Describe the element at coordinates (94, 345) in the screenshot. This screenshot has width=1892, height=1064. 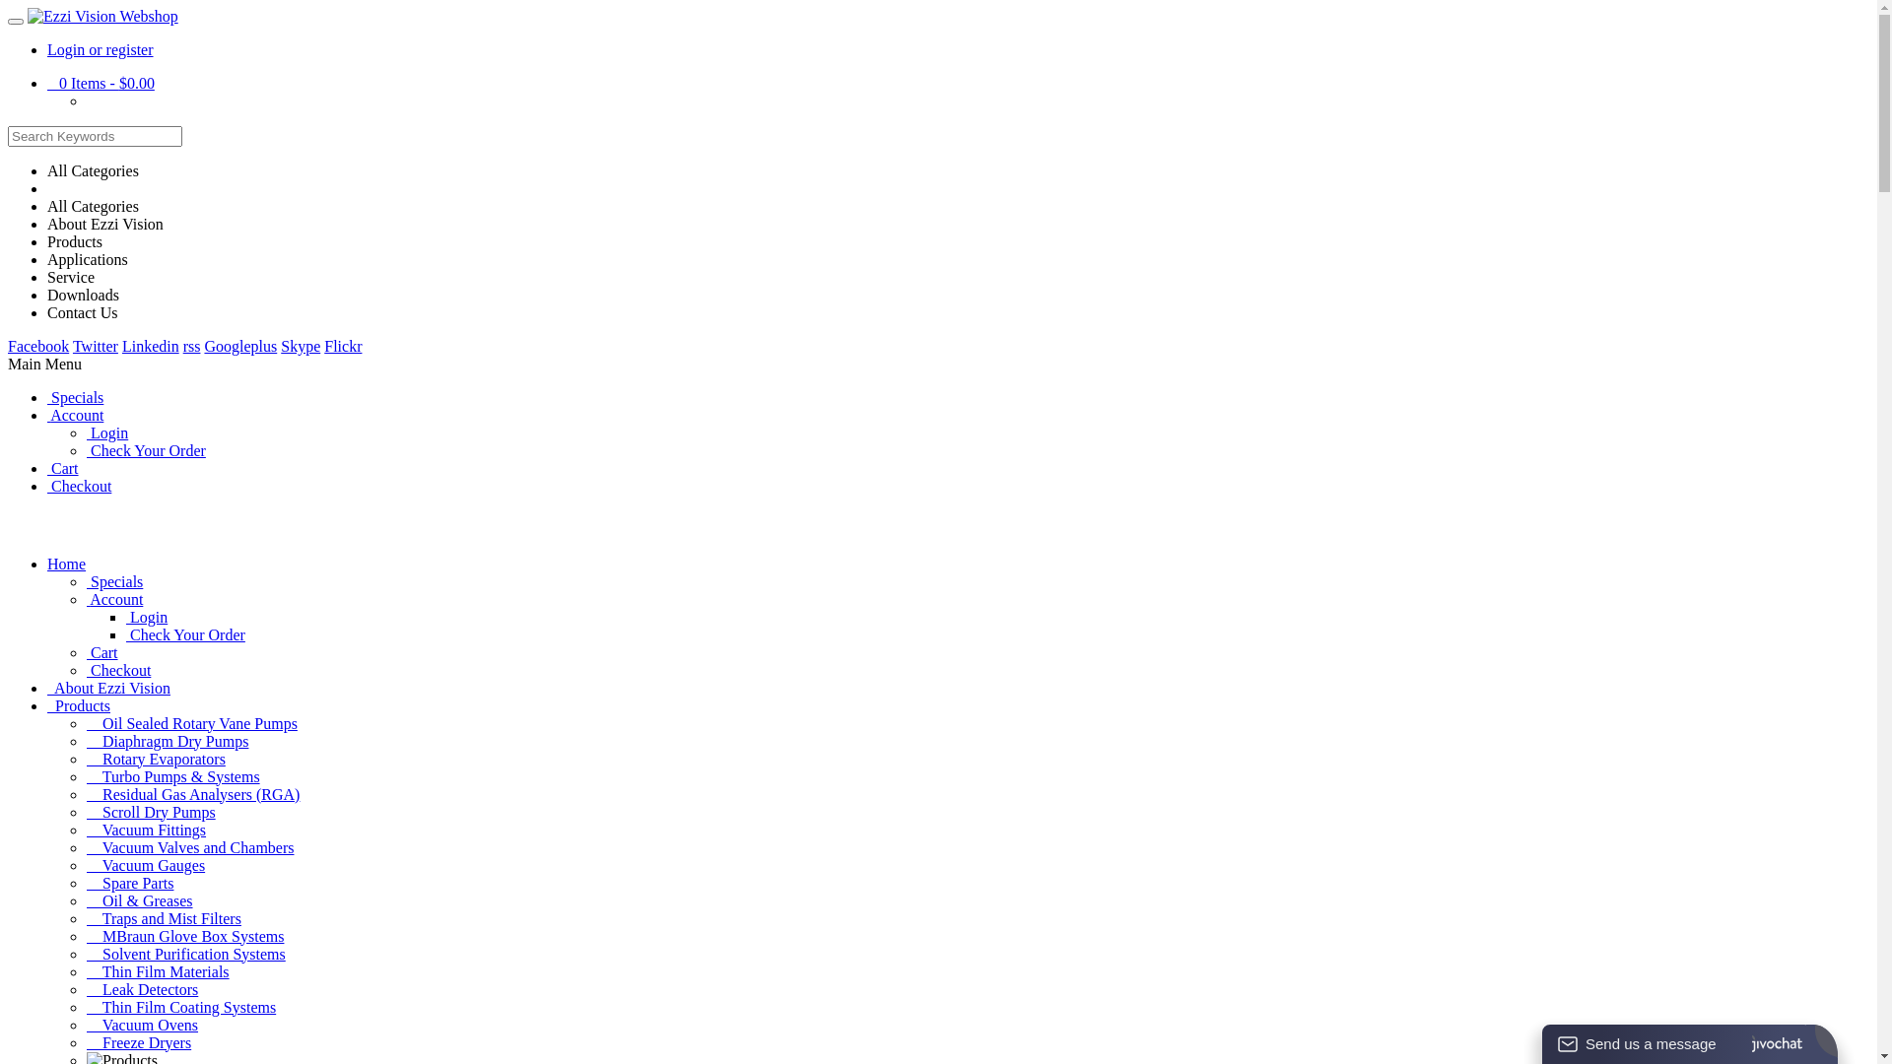
I see `'Twitter'` at that location.